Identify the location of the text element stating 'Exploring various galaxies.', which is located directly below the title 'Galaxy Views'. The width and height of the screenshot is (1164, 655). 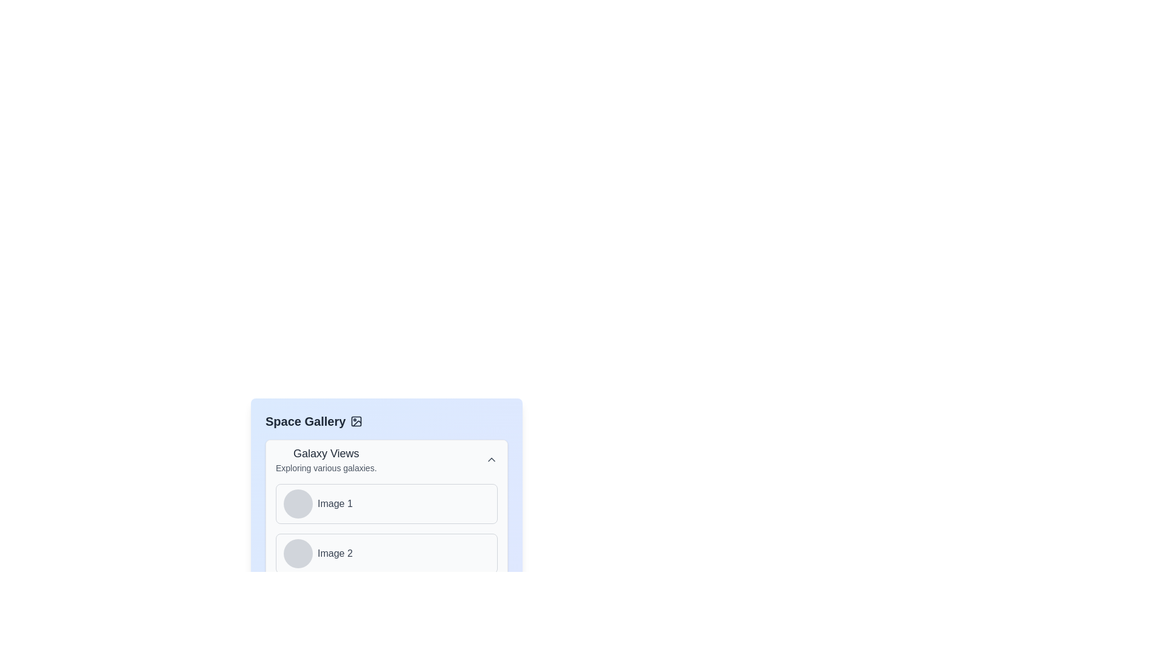
(326, 467).